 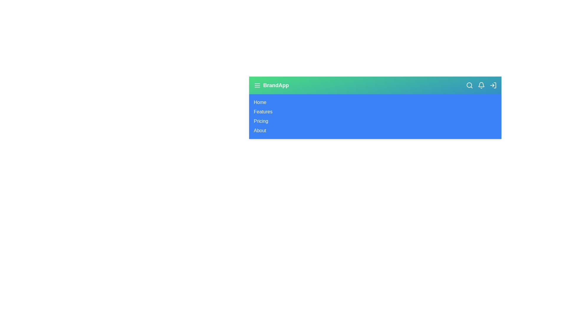 What do you see at coordinates (260, 121) in the screenshot?
I see `the menu item corresponding to Pricing to navigate to that section` at bounding box center [260, 121].